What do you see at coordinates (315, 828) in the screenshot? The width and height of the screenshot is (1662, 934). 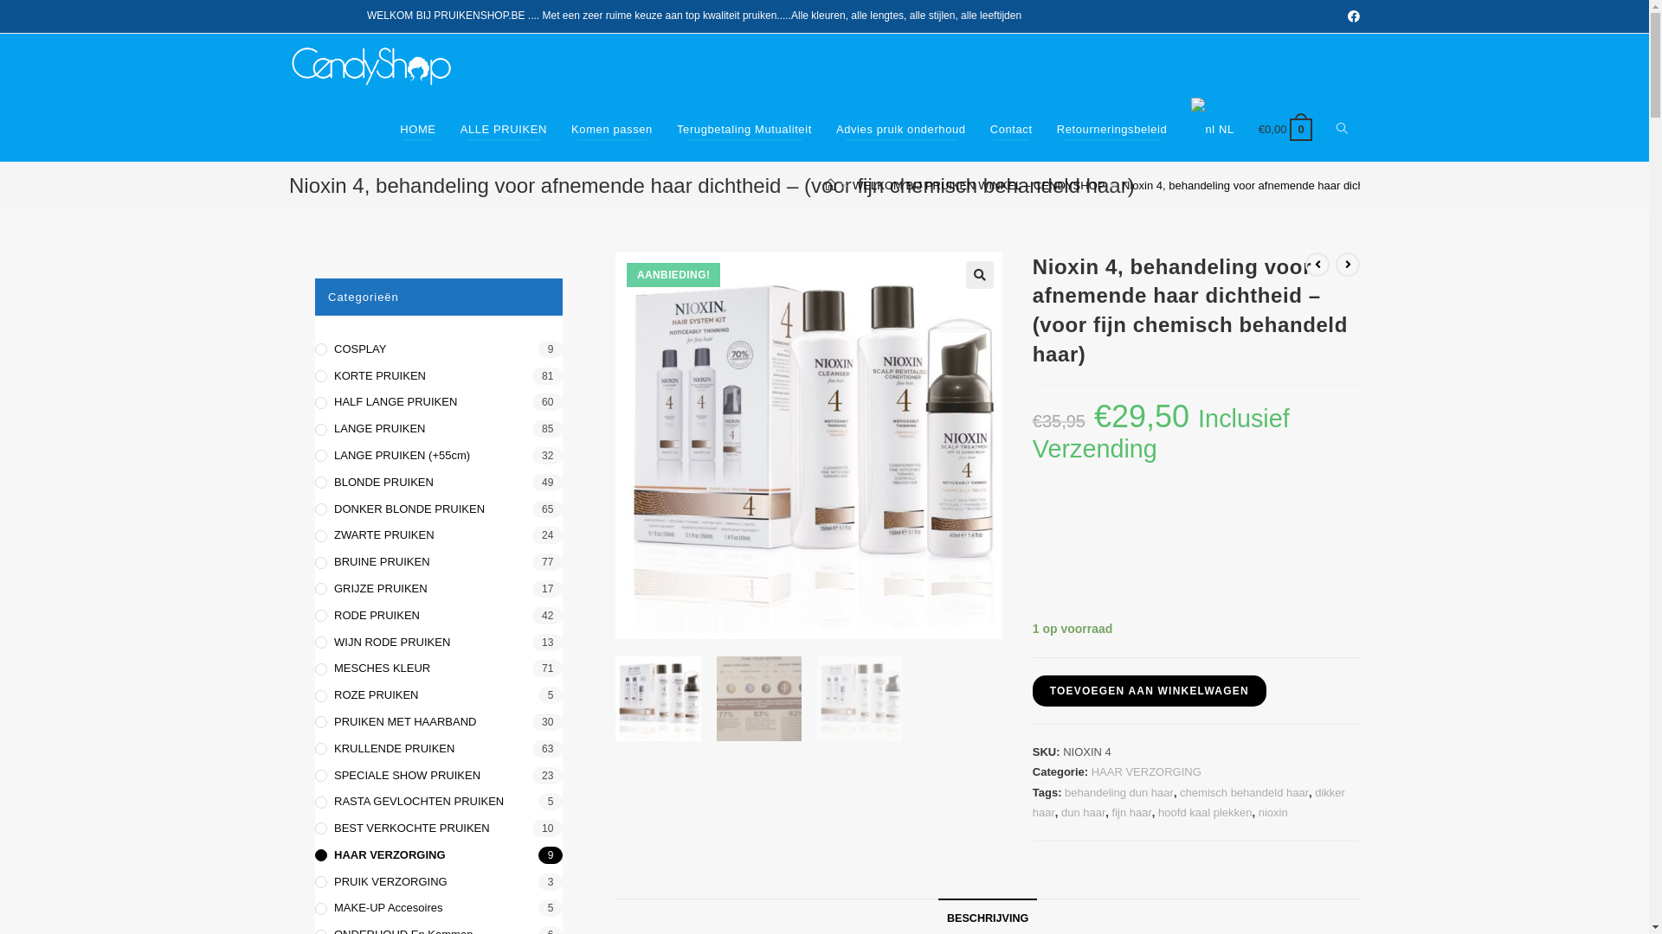 I see `'BEST VERKOCHTE PRUIKEN'` at bounding box center [315, 828].